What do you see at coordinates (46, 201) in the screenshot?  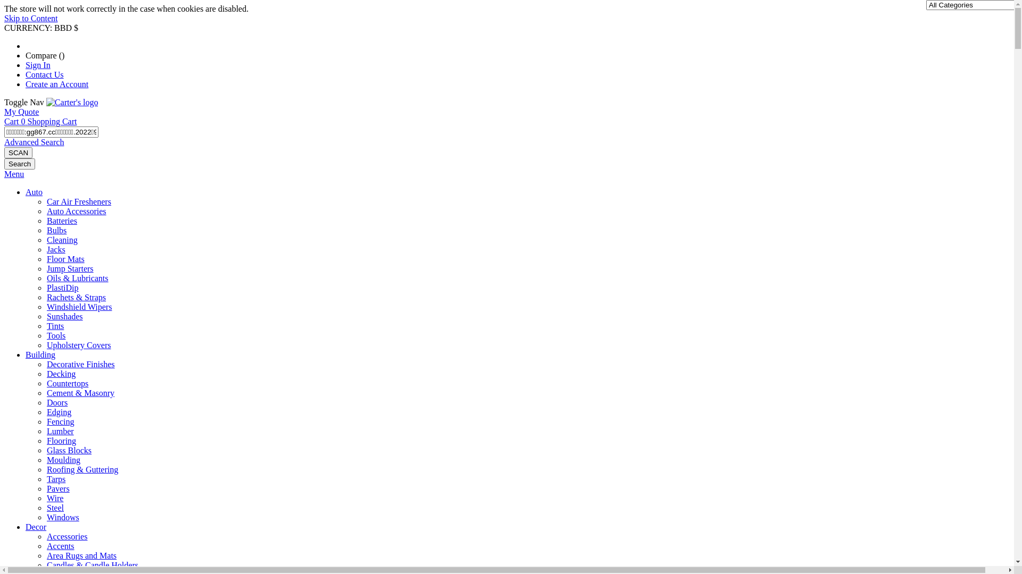 I see `'Car Air Fresheners'` at bounding box center [46, 201].